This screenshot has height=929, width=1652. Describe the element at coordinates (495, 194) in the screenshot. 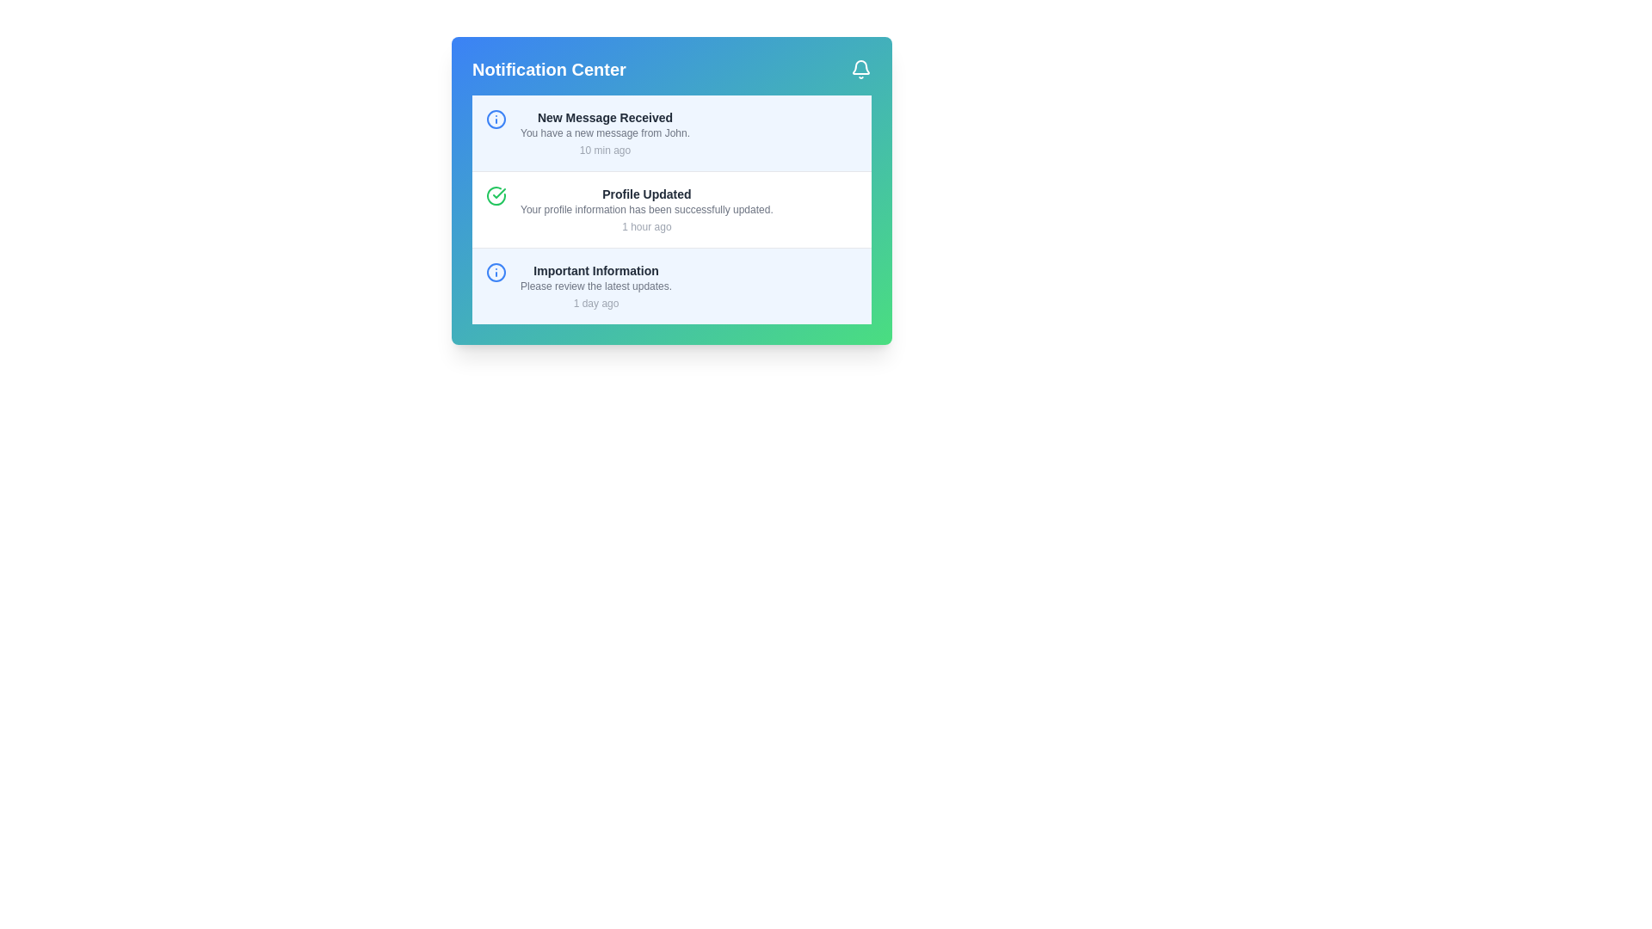

I see `the green circular icon with a white outline and checkmark, located to the left of the 'Profile Updated' notification text` at that location.